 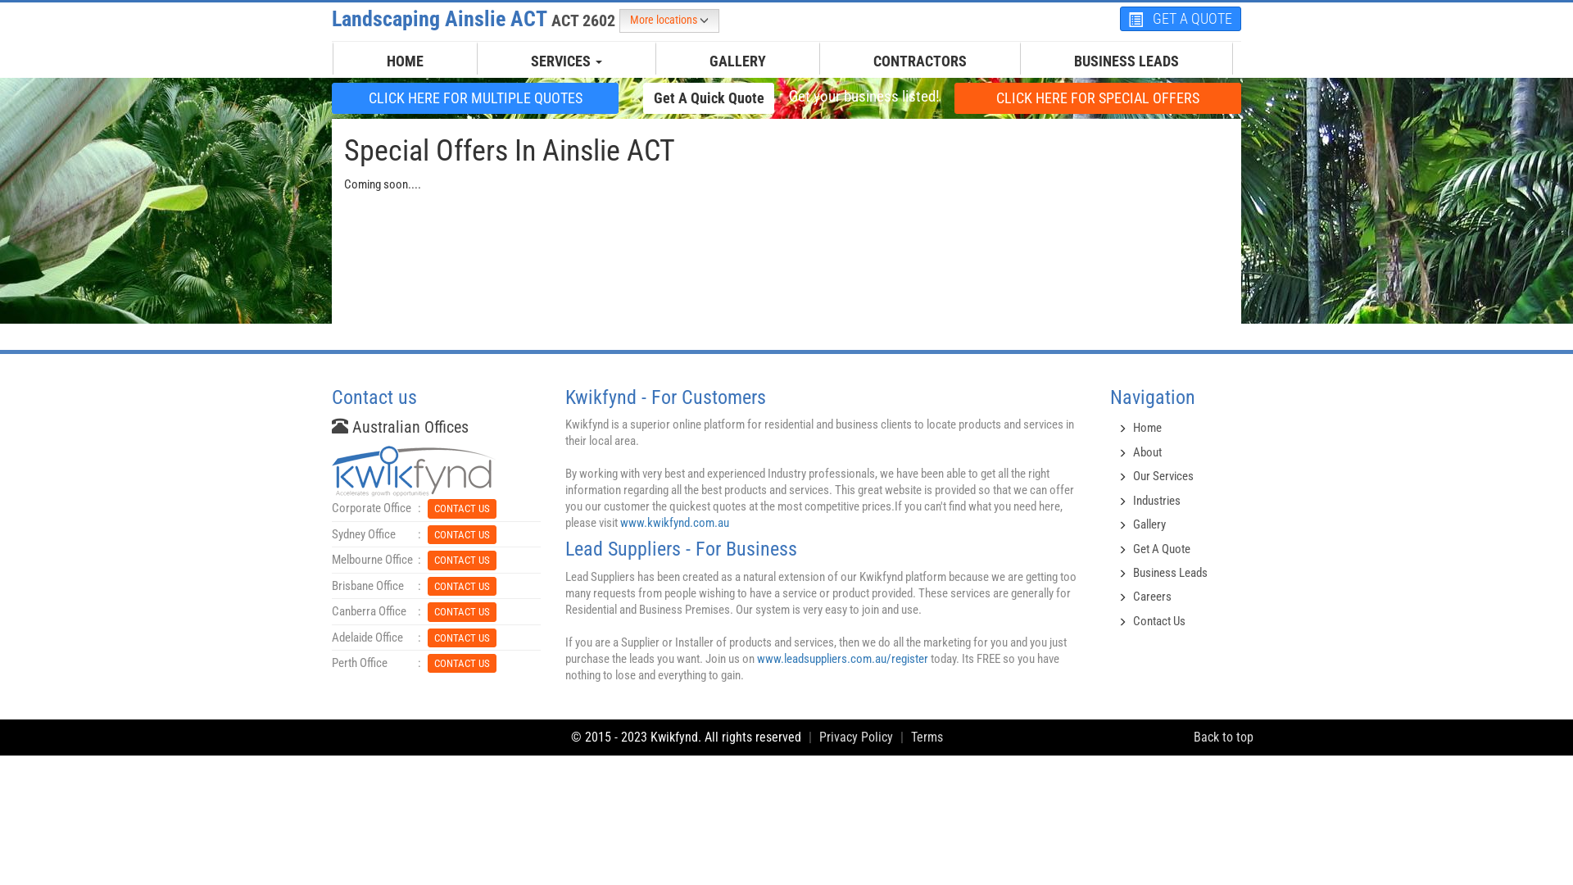 What do you see at coordinates (1151, 597) in the screenshot?
I see `'Careers'` at bounding box center [1151, 597].